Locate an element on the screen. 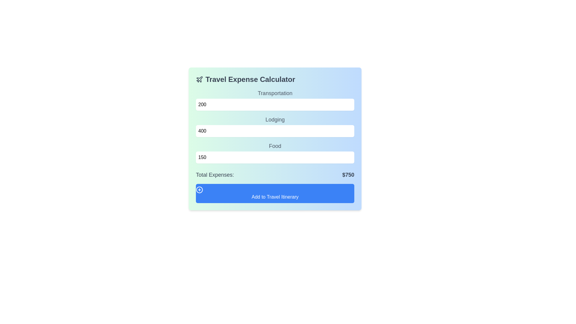  the circular SVG graphic element with a blue background and white borders, which is part of an icon resembling a plus, located near the bottom-left corner of the content area, next to the 'Add to Travel Itinerary' button is located at coordinates (199, 190).